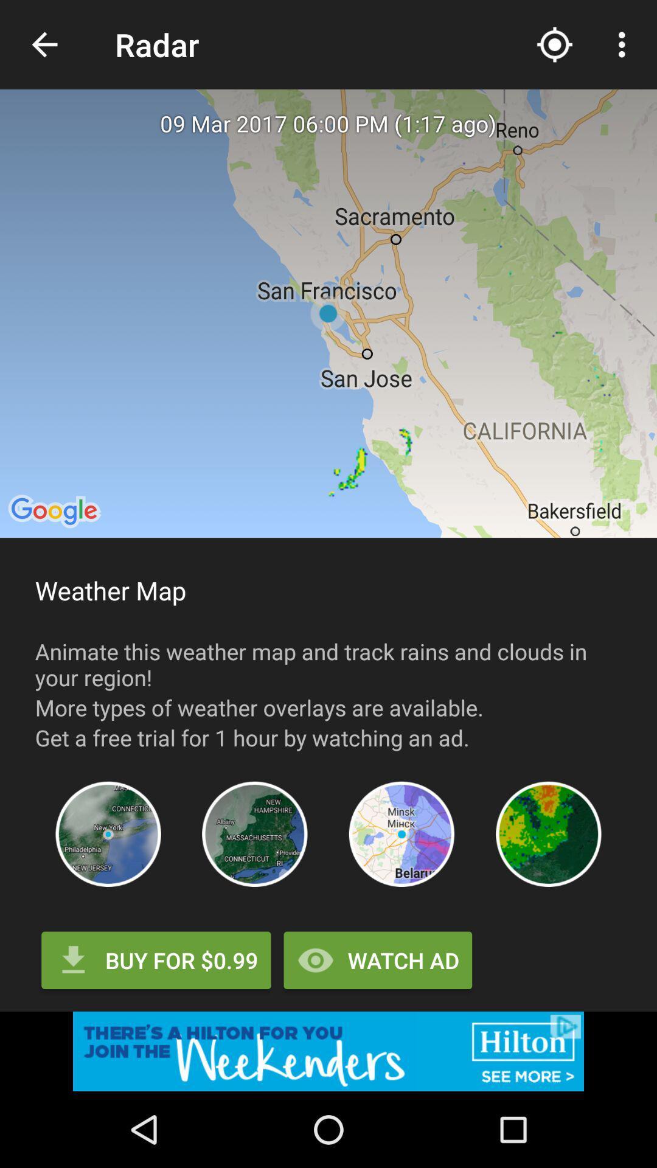 The width and height of the screenshot is (657, 1168). Describe the element at coordinates (622, 34) in the screenshot. I see `the more icon` at that location.